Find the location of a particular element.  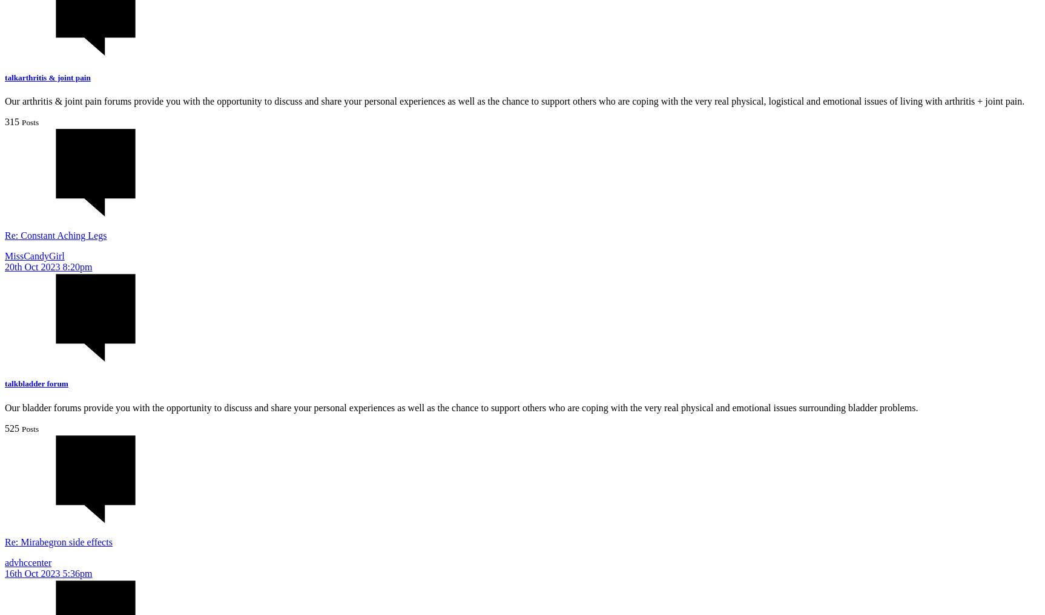

'Re: Constant Aching Legs' is located at coordinates (54, 235).